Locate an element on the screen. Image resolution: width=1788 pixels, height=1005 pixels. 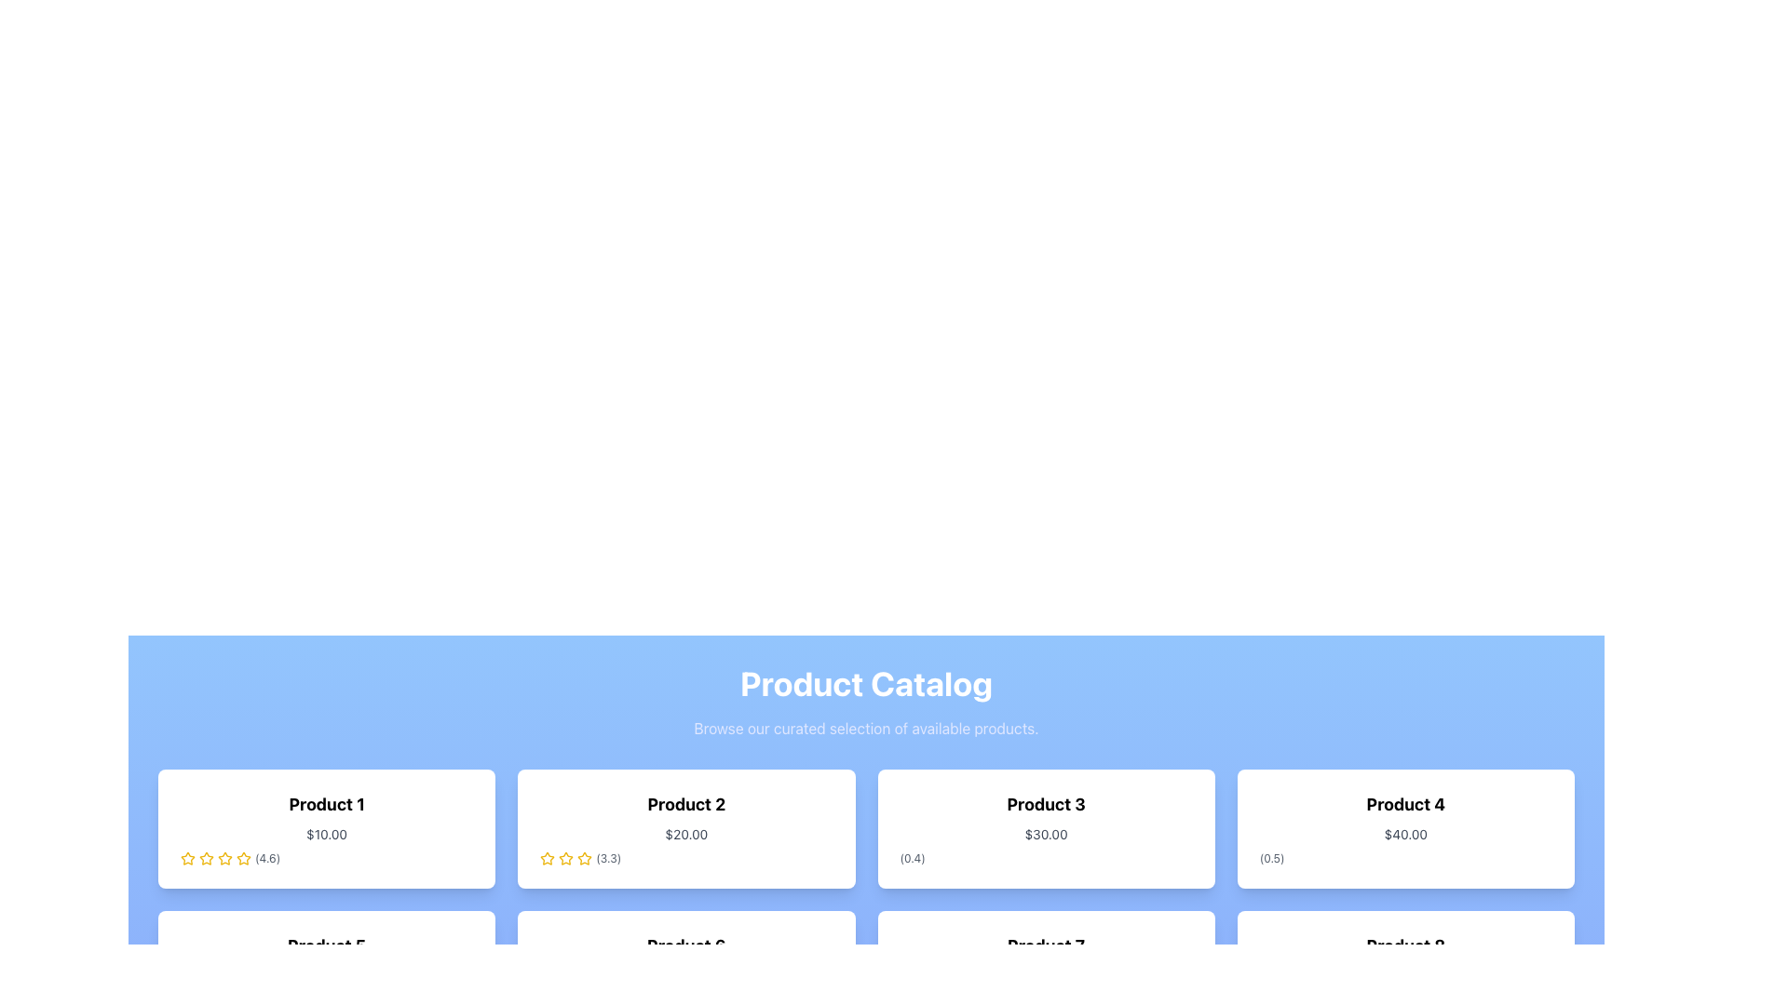
numerical rating value displayed in the text label located at the end of the row of five stars in the rating section of the first product card on the top left corner of the product catalog grid is located at coordinates (266, 858).